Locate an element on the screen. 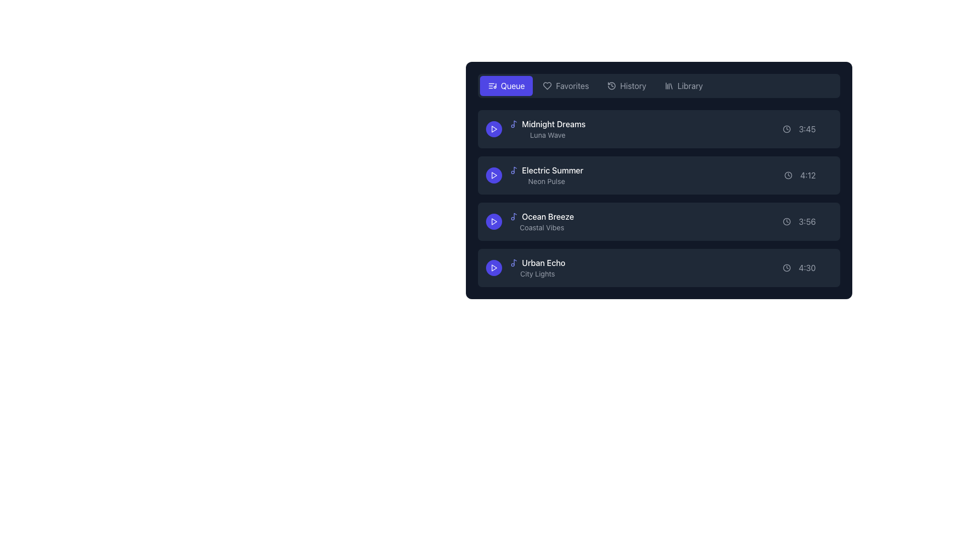 Image resolution: width=966 pixels, height=543 pixels. the Playlist Item titled 'Midnight Dreams' which has a dark background, rounded corners, and contains a play button and duration '3:45' for a context menu is located at coordinates (659, 129).